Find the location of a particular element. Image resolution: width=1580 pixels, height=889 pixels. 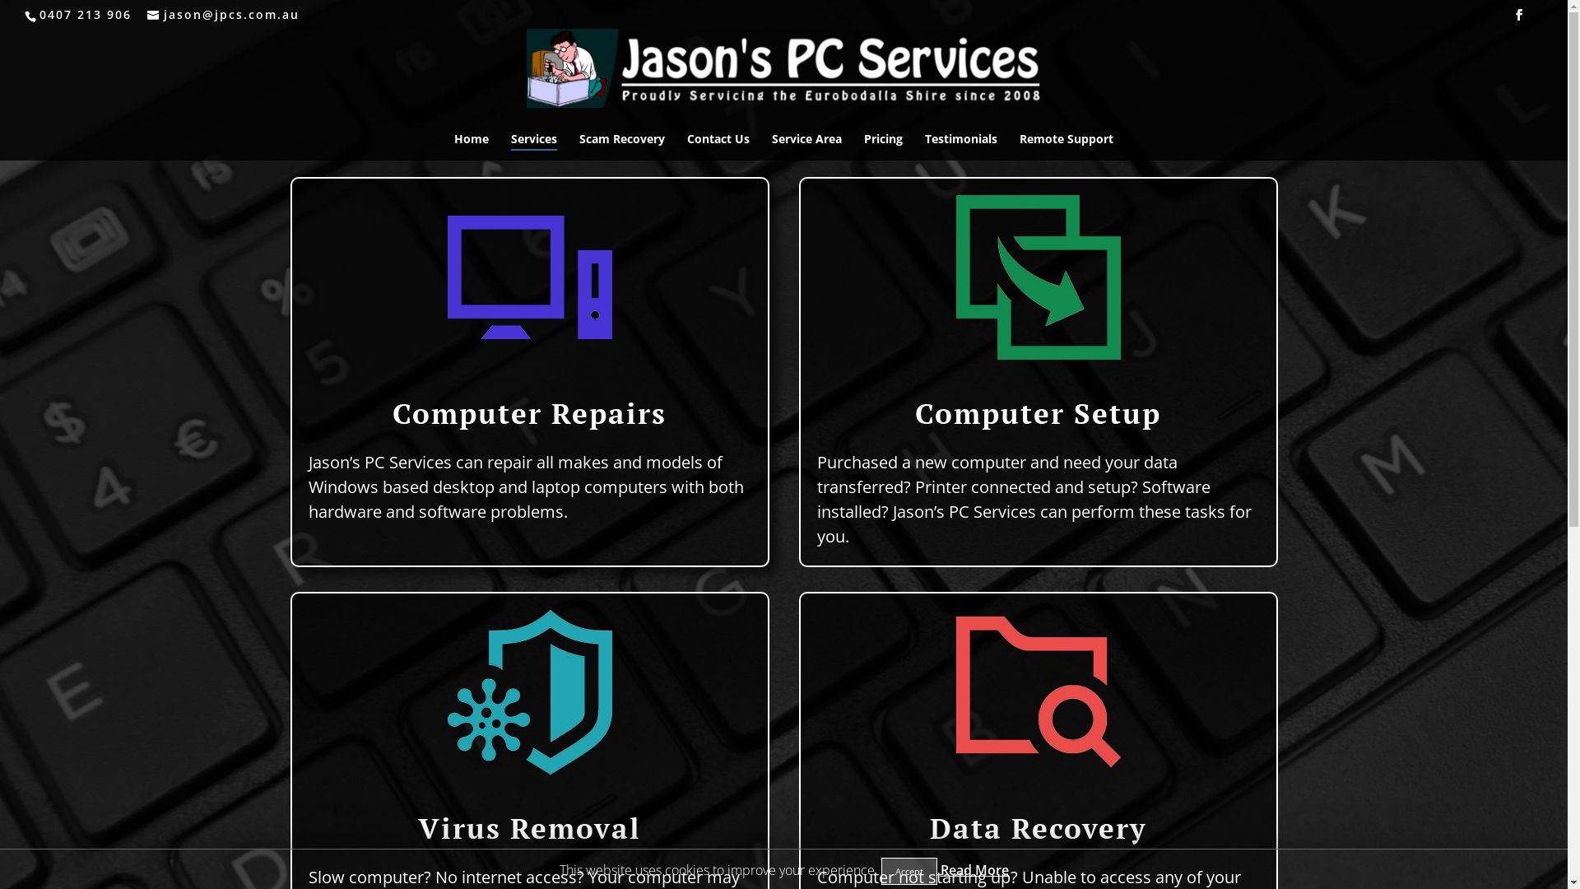

'Accept' is located at coordinates (908, 870).